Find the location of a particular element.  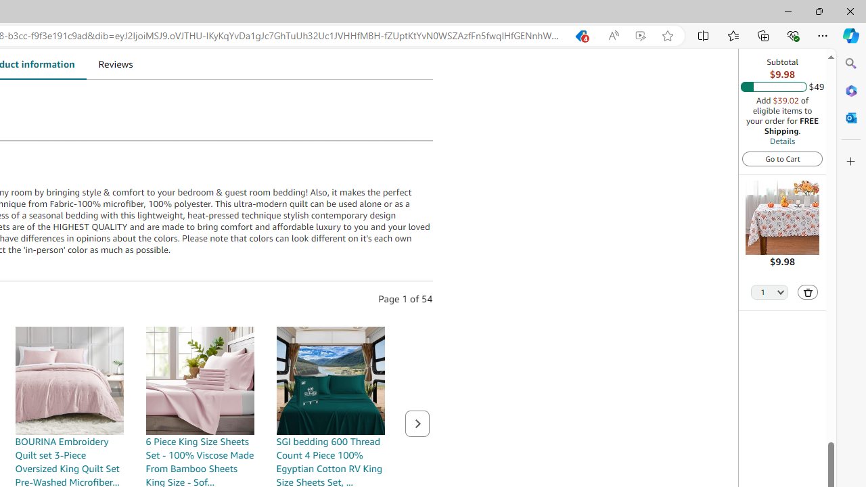

'Shopping in Microsoft Edge' is located at coordinates (580, 35).